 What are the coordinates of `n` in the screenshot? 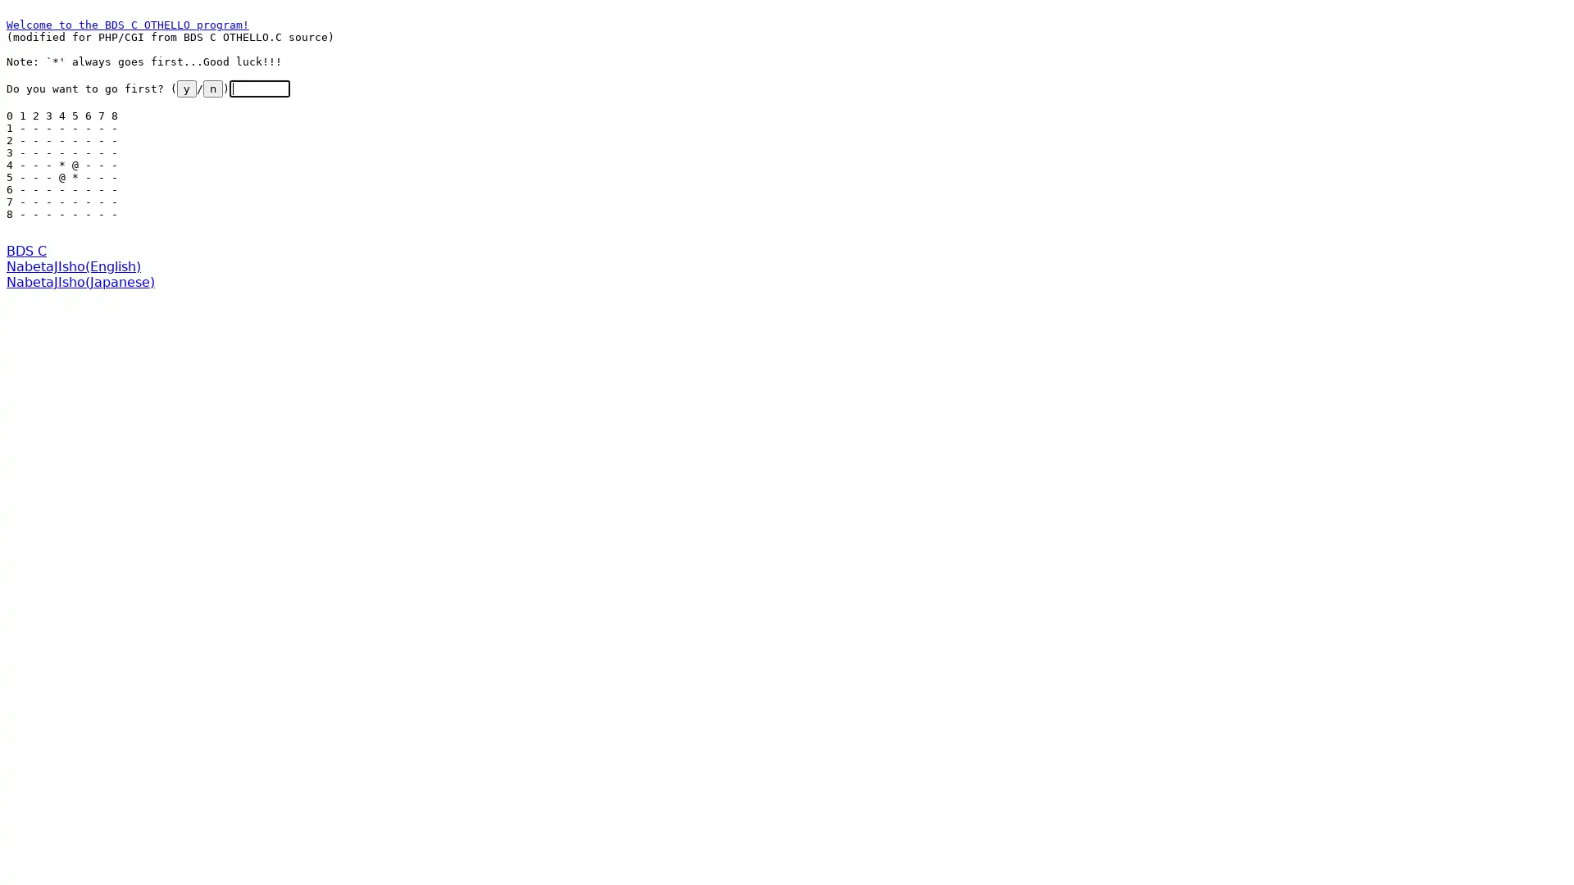 It's located at (212, 88).